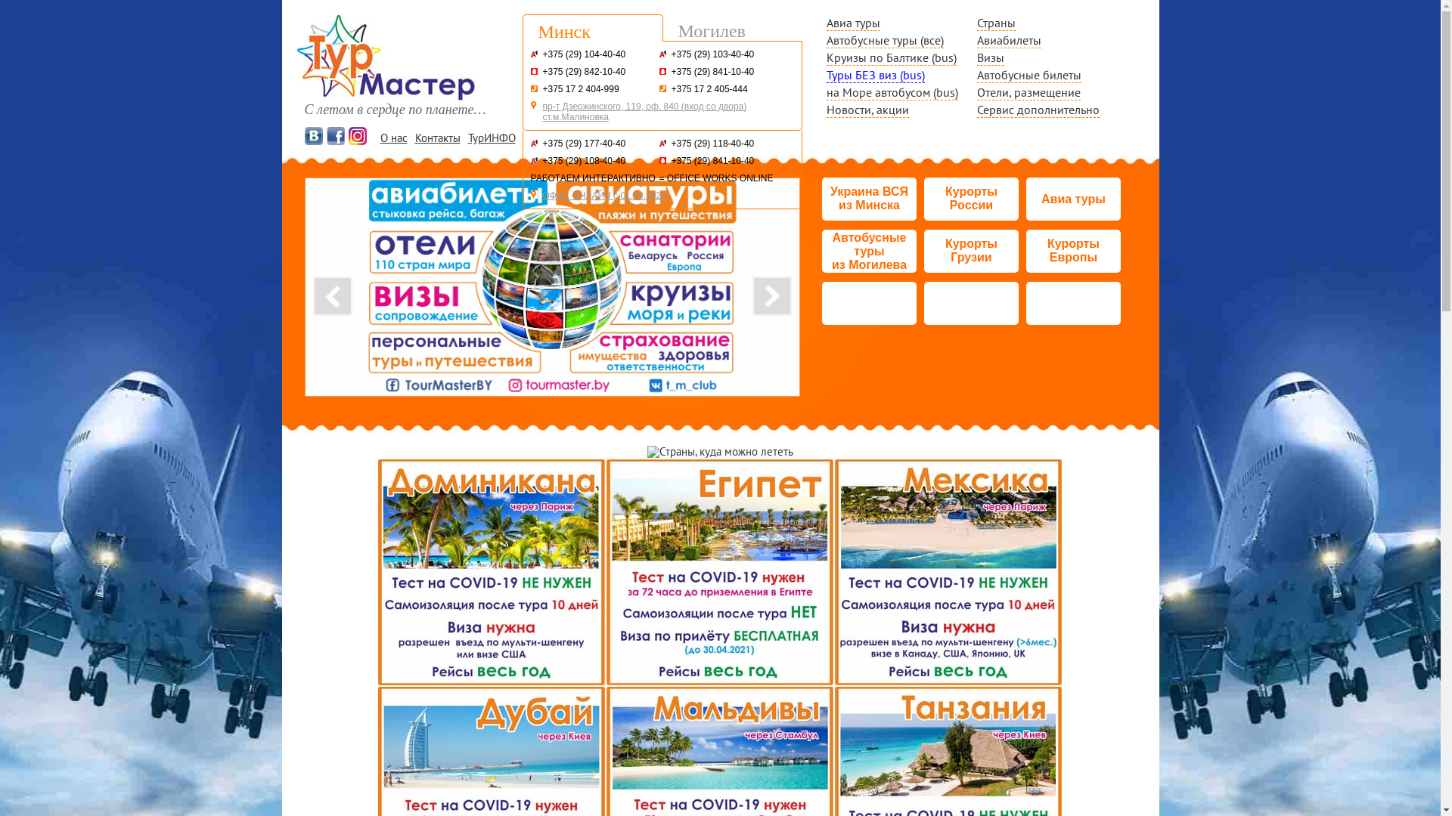  What do you see at coordinates (671, 54) in the screenshot?
I see `'+375 (29) 103-40-40'` at bounding box center [671, 54].